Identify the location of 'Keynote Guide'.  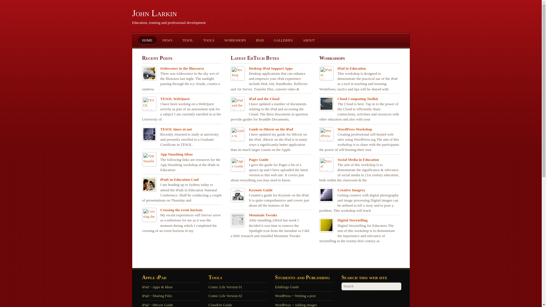
(260, 190).